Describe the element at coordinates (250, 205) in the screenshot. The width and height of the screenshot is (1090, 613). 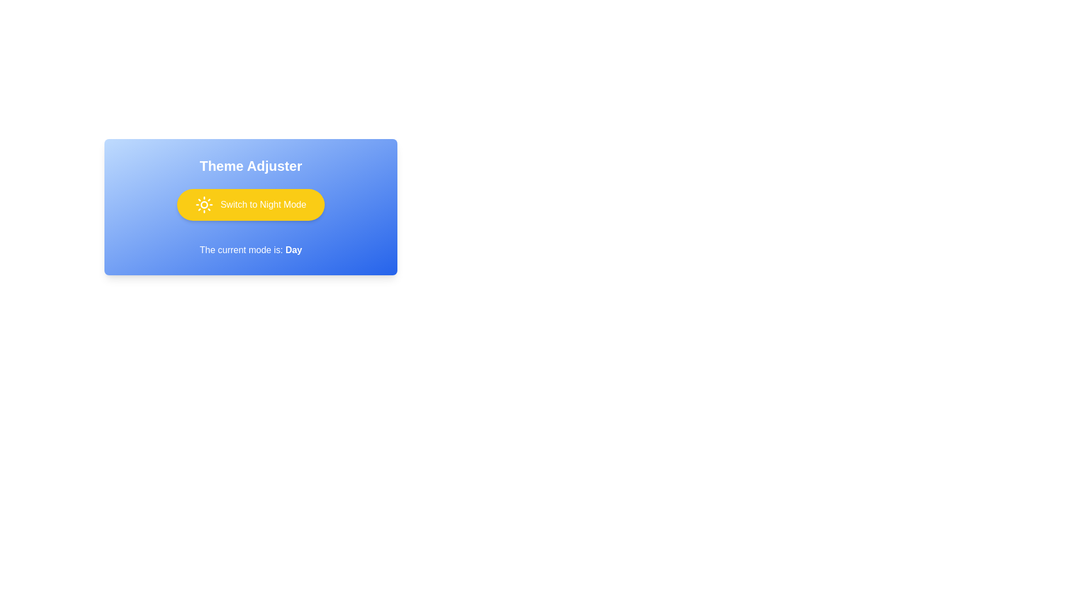
I see `button labeled 'Switch to Night Mode' to toggle the mode` at that location.